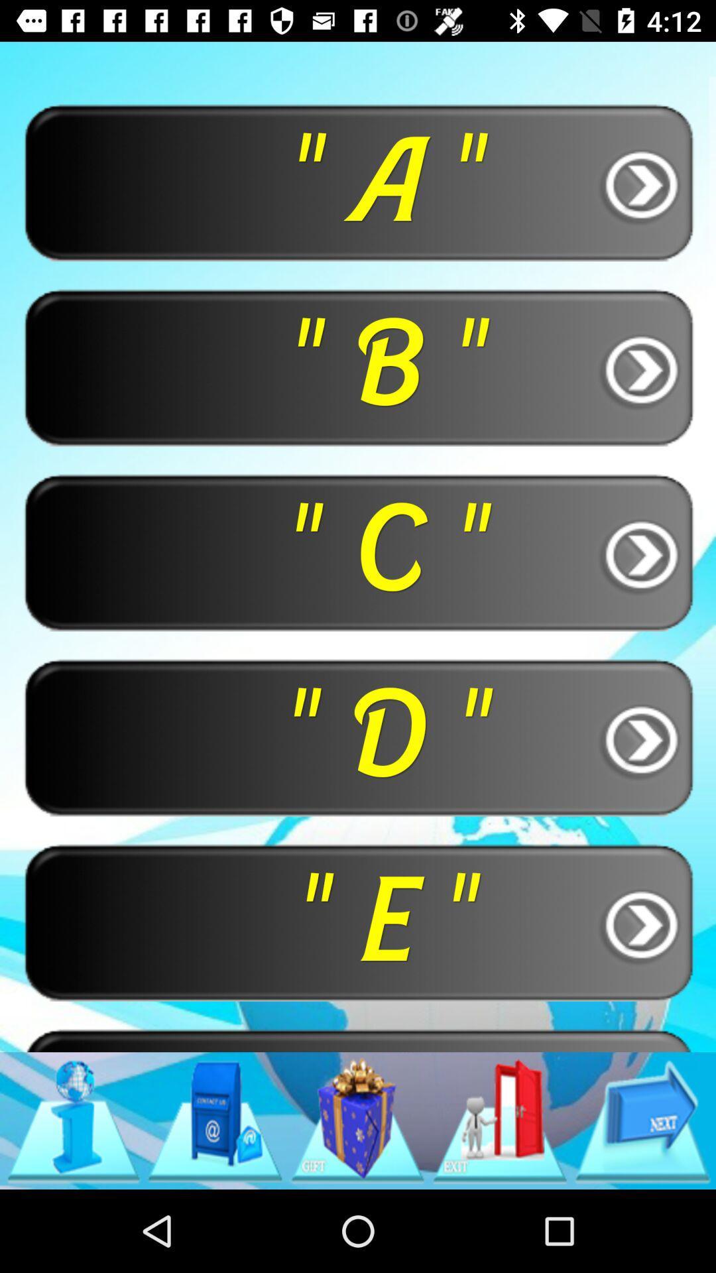 This screenshot has width=716, height=1273. What do you see at coordinates (642, 1120) in the screenshot?
I see `the arrow_forward icon` at bounding box center [642, 1120].